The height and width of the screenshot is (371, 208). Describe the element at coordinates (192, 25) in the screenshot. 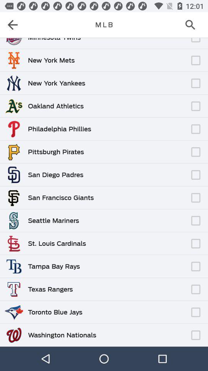

I see `search` at that location.